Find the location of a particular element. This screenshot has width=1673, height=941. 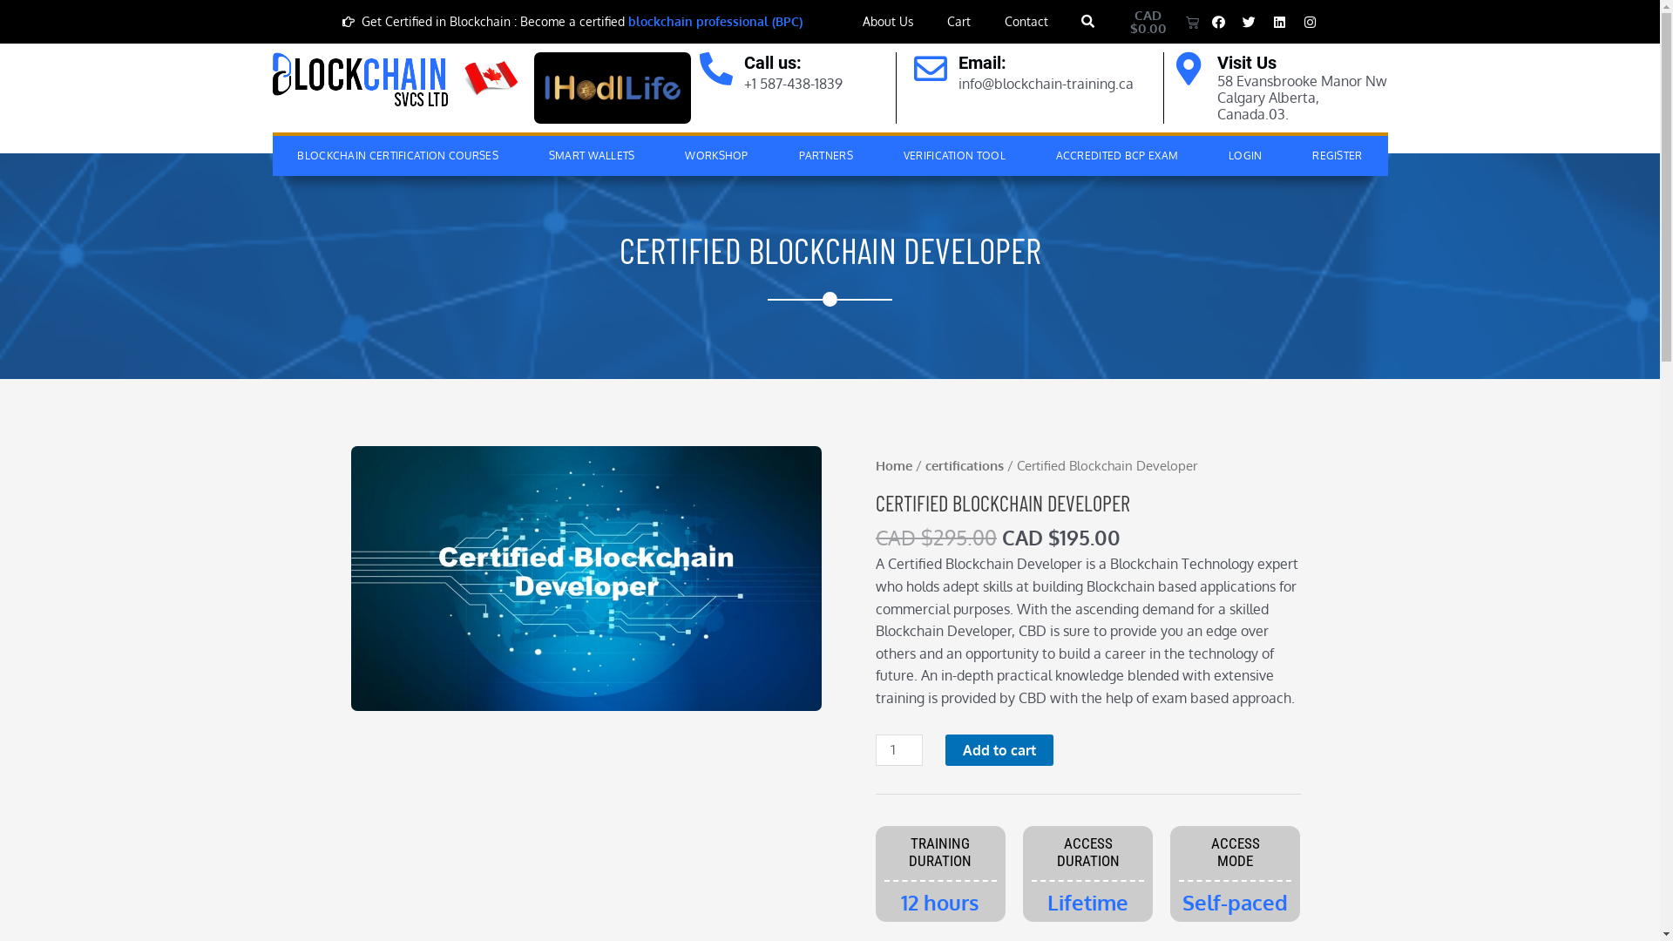

'BLOCKCHAIN CERTIFICATION COURSES' is located at coordinates (396, 154).